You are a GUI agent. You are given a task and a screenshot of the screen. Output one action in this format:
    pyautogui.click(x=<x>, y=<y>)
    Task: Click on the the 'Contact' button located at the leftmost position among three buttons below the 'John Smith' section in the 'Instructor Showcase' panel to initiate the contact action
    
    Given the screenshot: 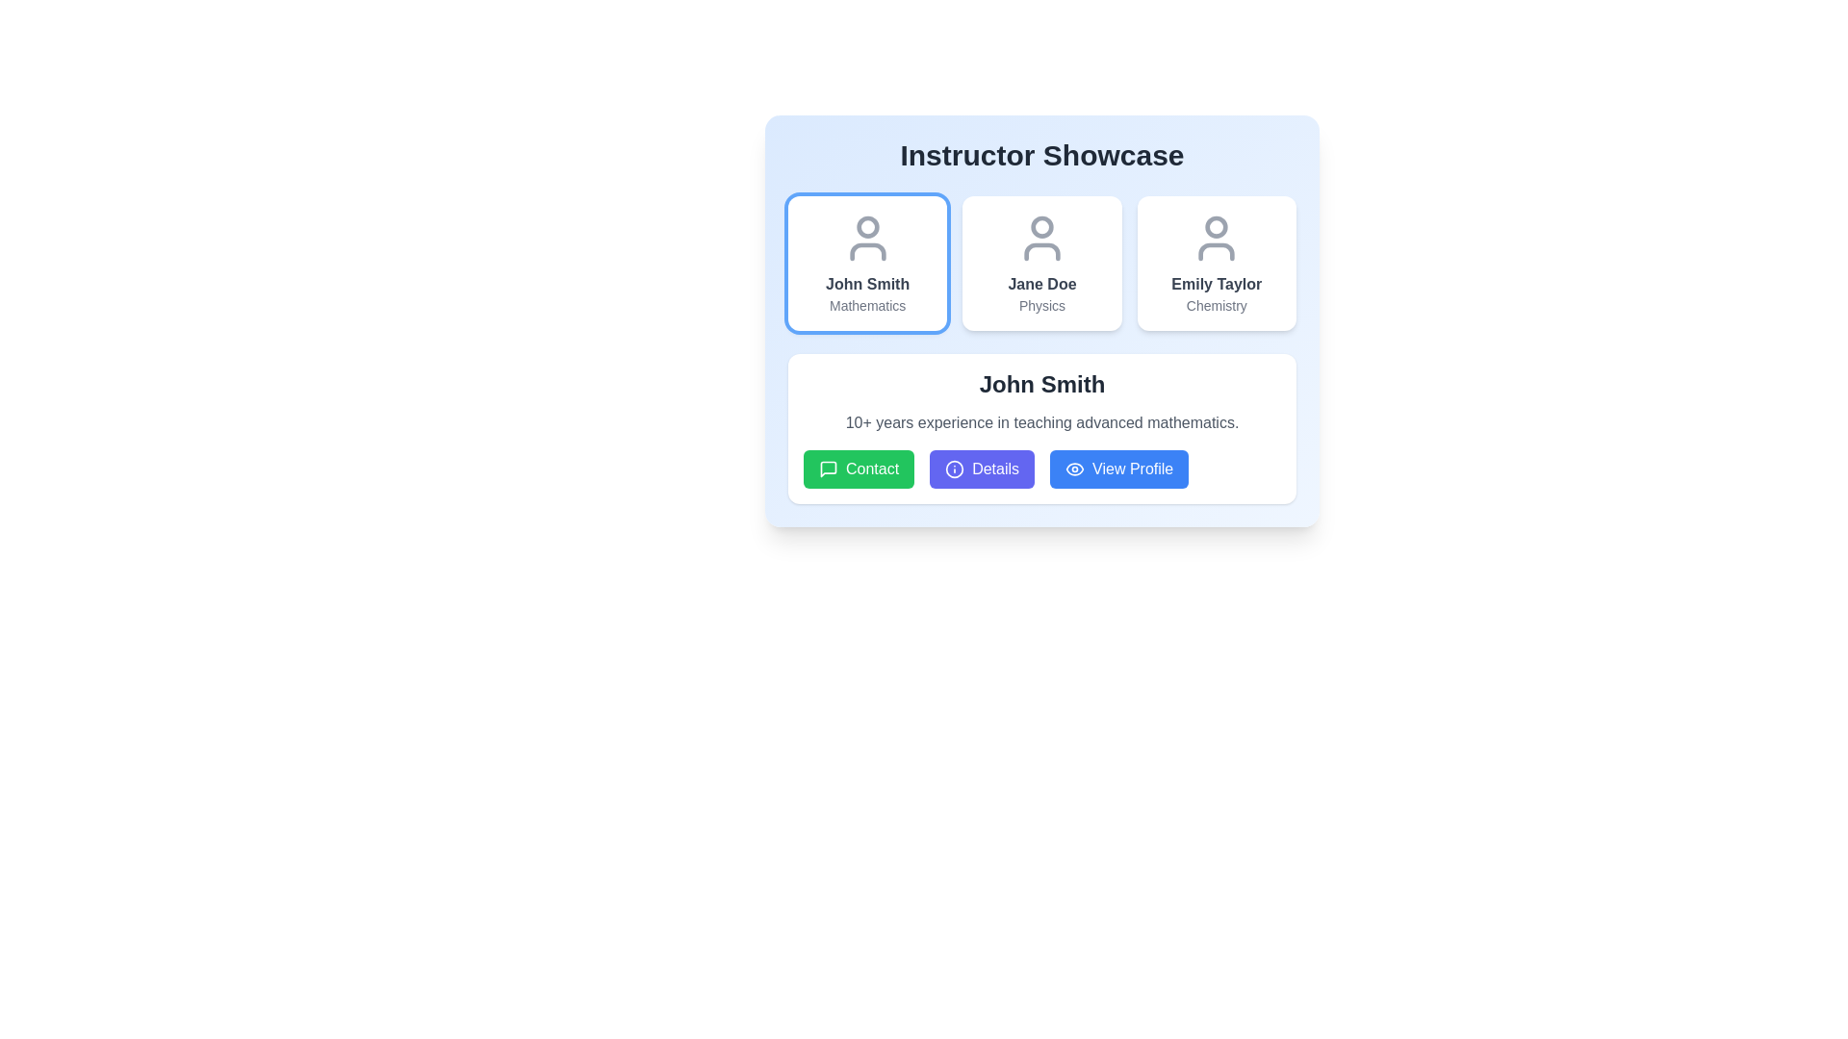 What is the action you would take?
    pyautogui.click(x=858, y=469)
    